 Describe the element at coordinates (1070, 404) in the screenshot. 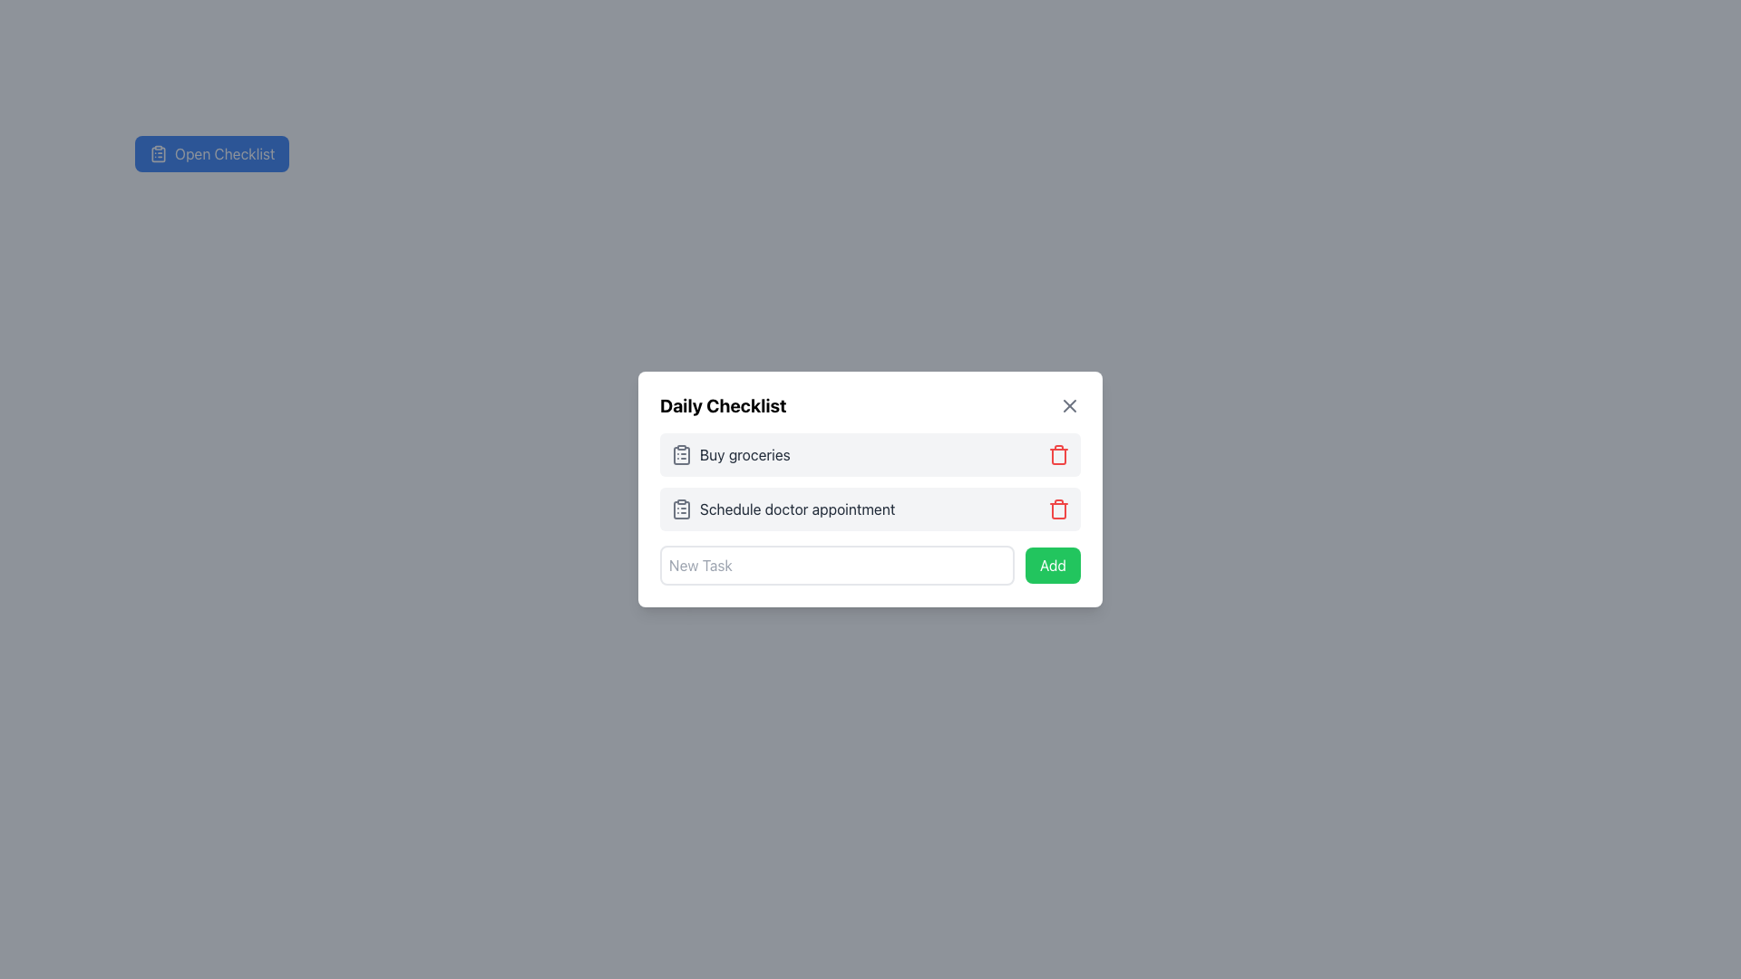

I see `the small square button with an 'X' icon in gray on a white background, located at the top-right corner of the 'Daily Checklist' panel` at that location.